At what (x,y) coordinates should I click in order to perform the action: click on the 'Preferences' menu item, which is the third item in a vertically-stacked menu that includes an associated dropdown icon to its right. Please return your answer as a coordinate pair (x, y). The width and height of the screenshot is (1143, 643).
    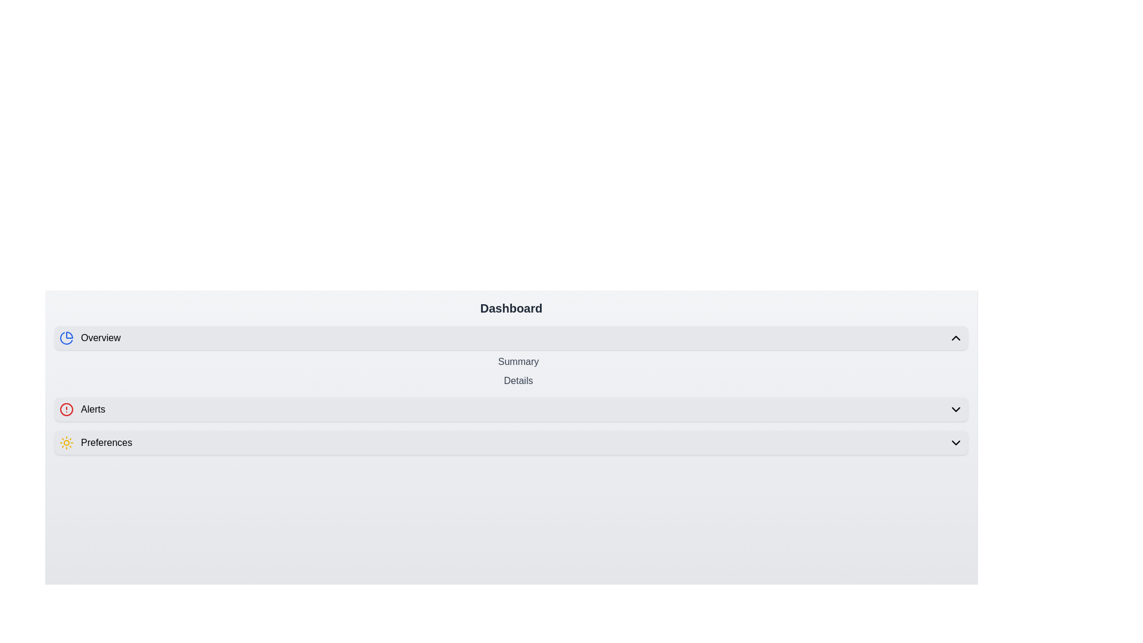
    Looking at the image, I should click on (96, 443).